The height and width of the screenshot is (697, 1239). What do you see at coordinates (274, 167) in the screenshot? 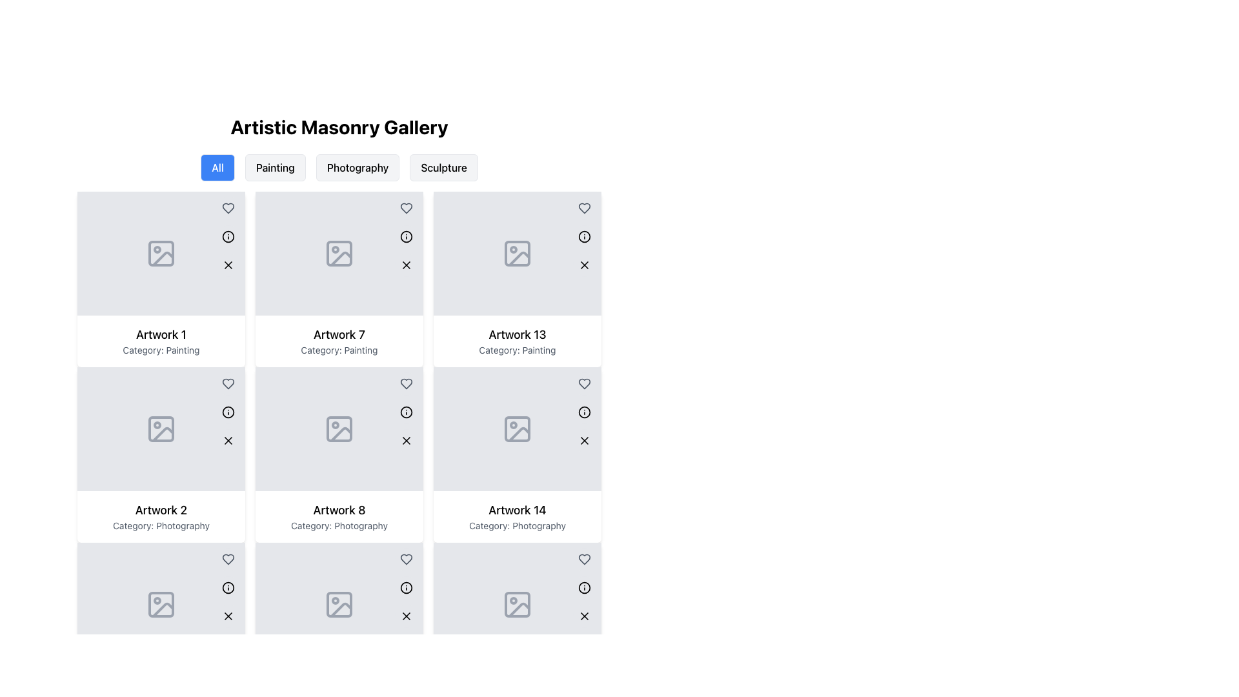
I see `the 'Painting' button, which is the second button in a row of four buttons, to filter the gallery by 'Painting'` at bounding box center [274, 167].